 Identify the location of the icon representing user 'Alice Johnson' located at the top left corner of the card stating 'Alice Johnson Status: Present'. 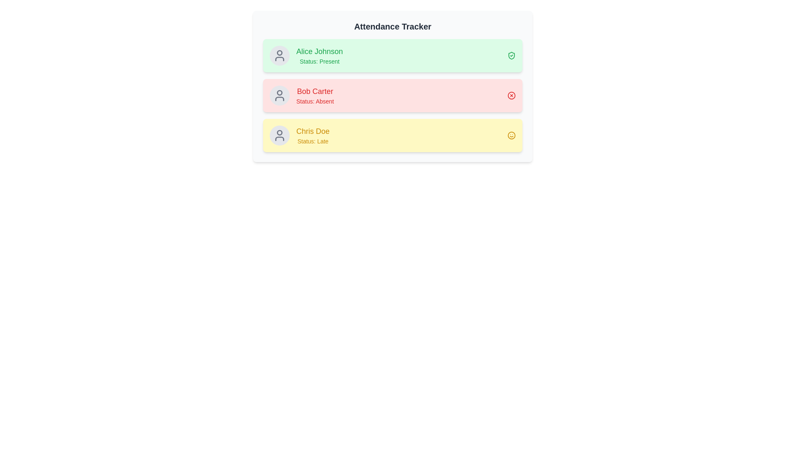
(279, 56).